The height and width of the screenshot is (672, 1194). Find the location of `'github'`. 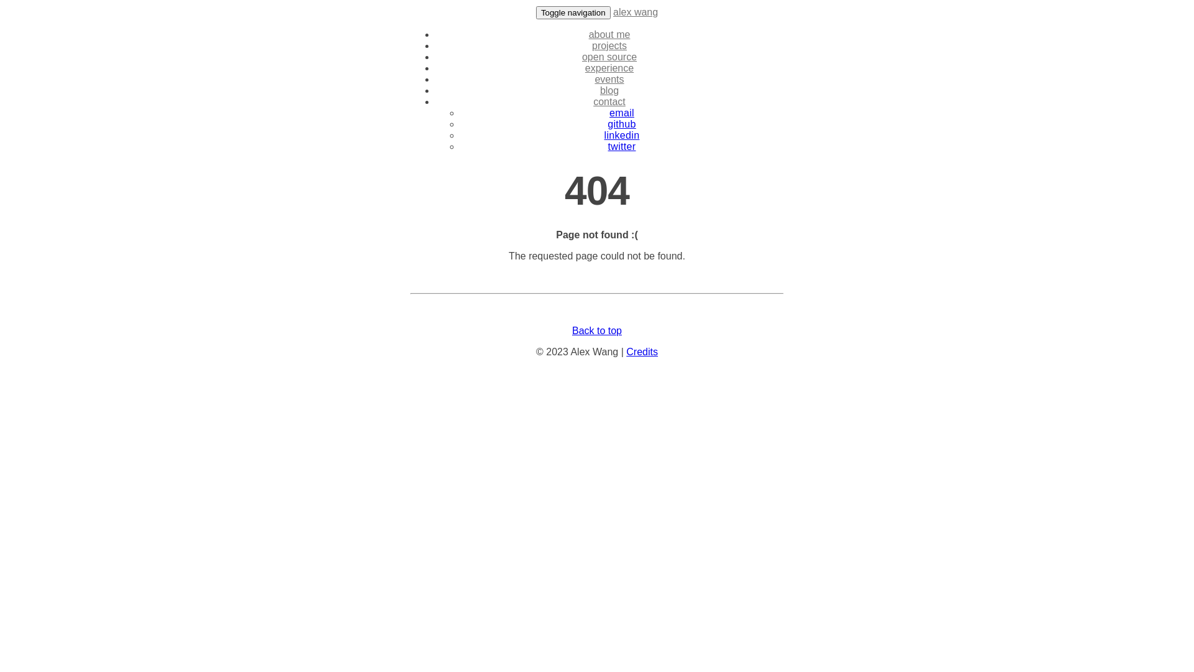

'github' is located at coordinates (621, 124).